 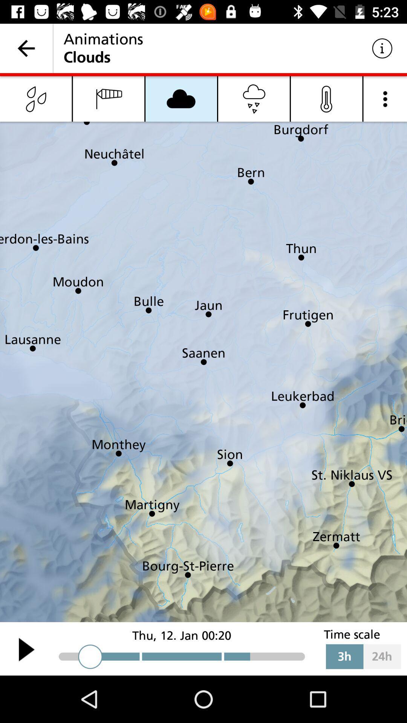 I want to click on the play icon, so click(x=26, y=649).